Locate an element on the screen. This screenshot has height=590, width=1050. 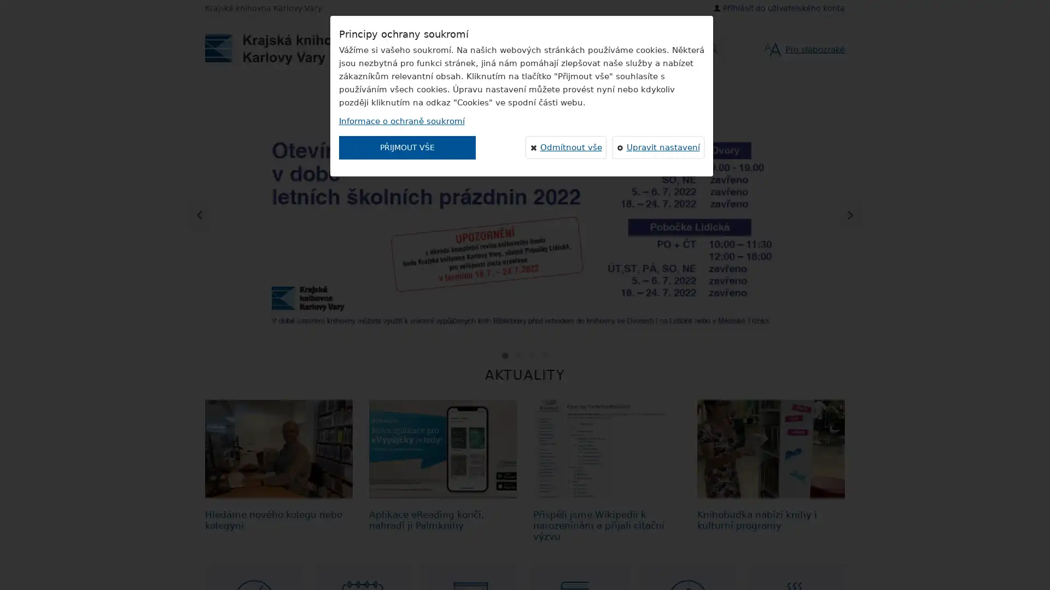
HLEDAT is located at coordinates (711, 48).